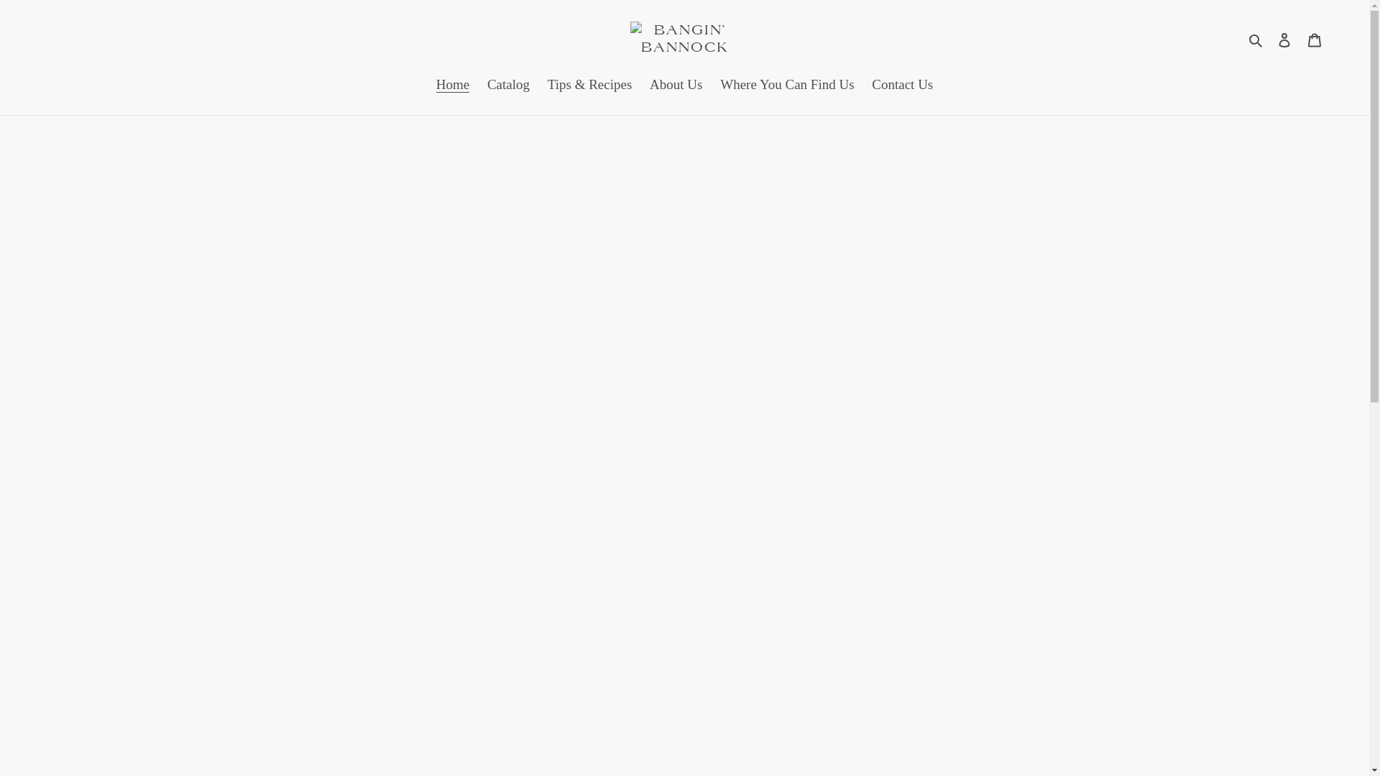 The image size is (1380, 776). What do you see at coordinates (786, 86) in the screenshot?
I see `'Where You Can Find Us'` at bounding box center [786, 86].